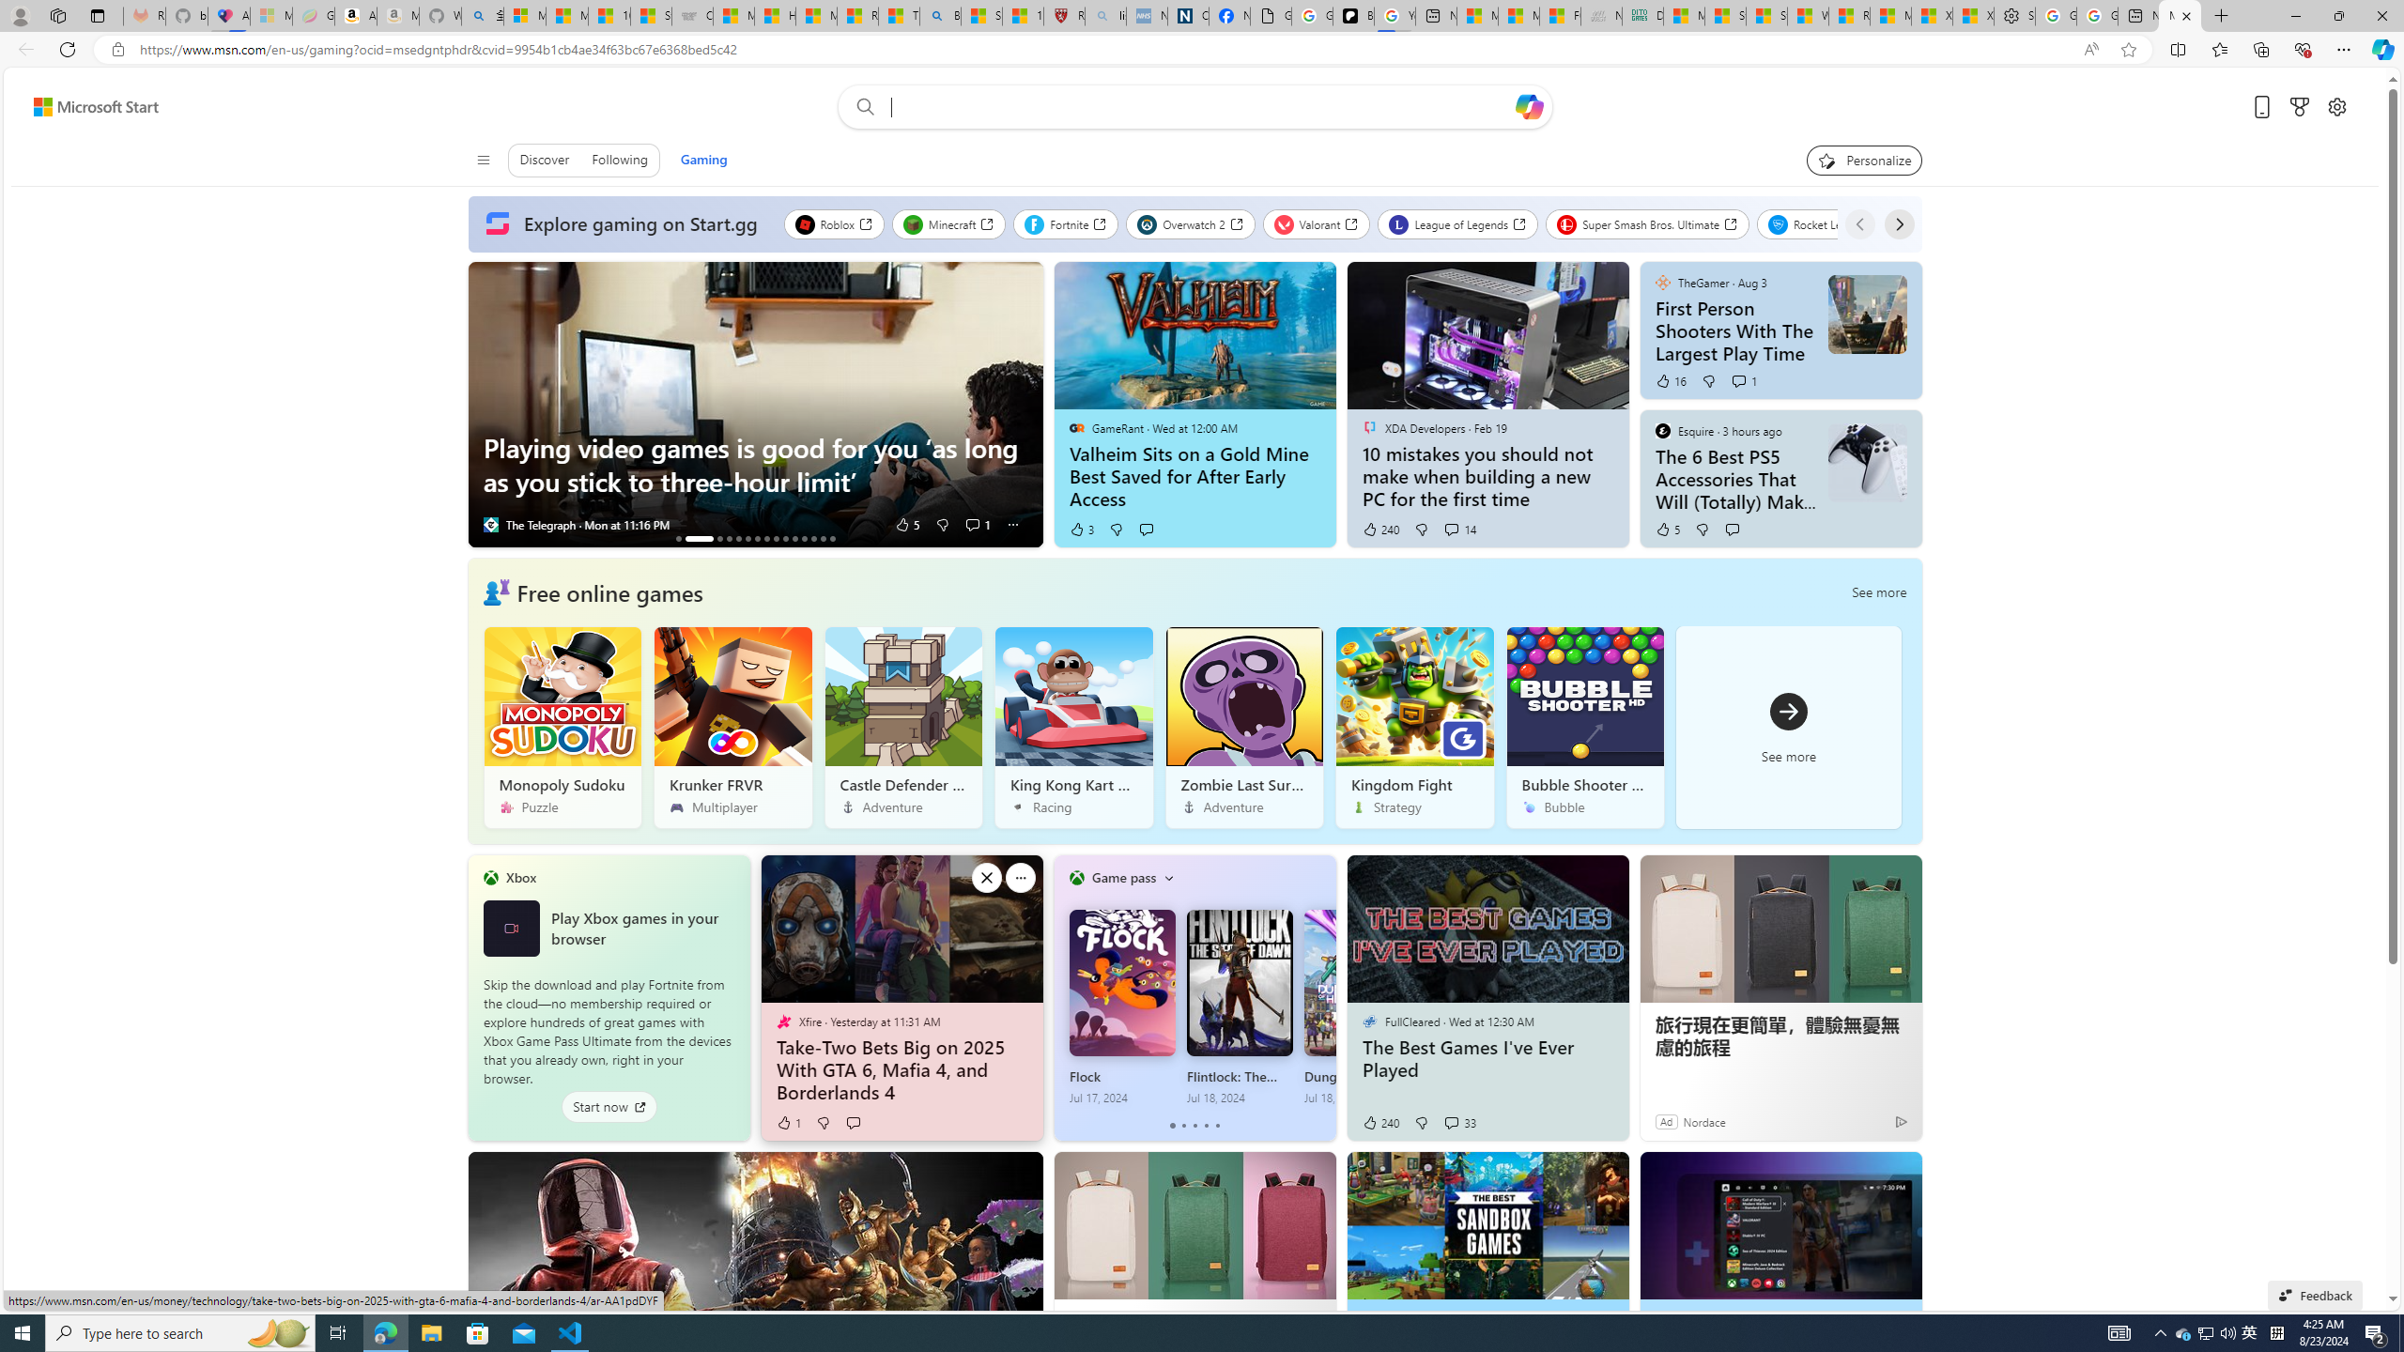 The image size is (2404, 1352). Describe the element at coordinates (489, 525) in the screenshot. I see `'The Telegraph'` at that location.